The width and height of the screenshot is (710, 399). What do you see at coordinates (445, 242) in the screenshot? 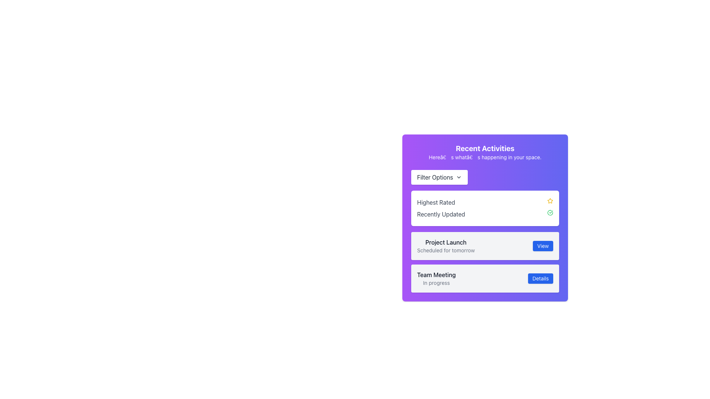
I see `the title text element of the activity card labeled 'Project Launch' which is located in the 'Recent Activities' section` at bounding box center [445, 242].